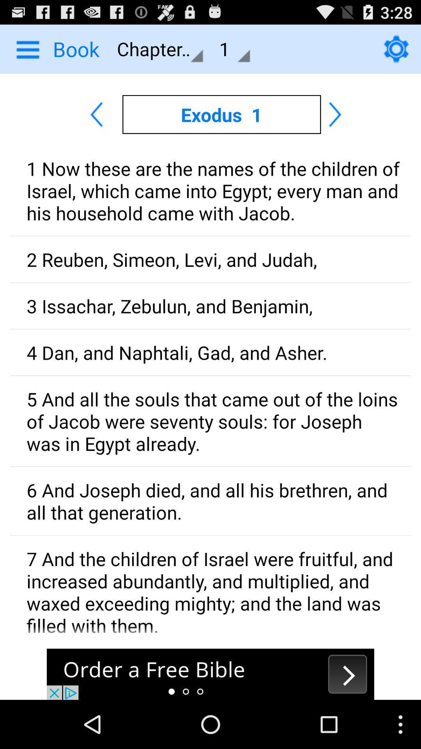  I want to click on setting, so click(396, 48).